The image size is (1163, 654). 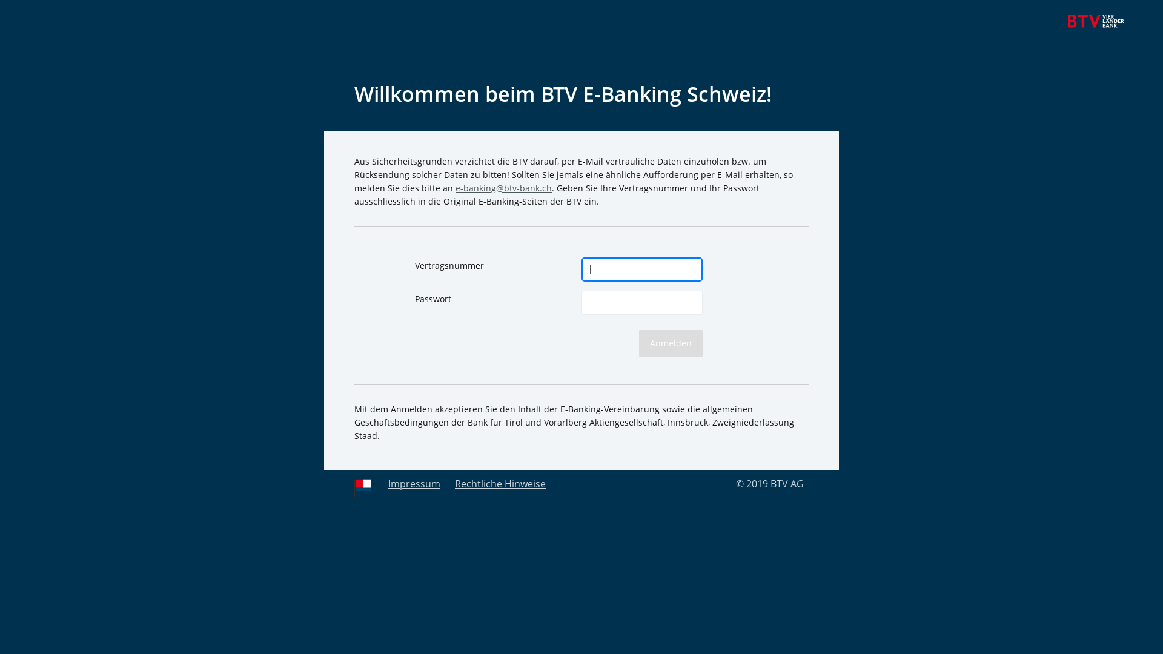 What do you see at coordinates (414, 483) in the screenshot?
I see `'Impressum'` at bounding box center [414, 483].